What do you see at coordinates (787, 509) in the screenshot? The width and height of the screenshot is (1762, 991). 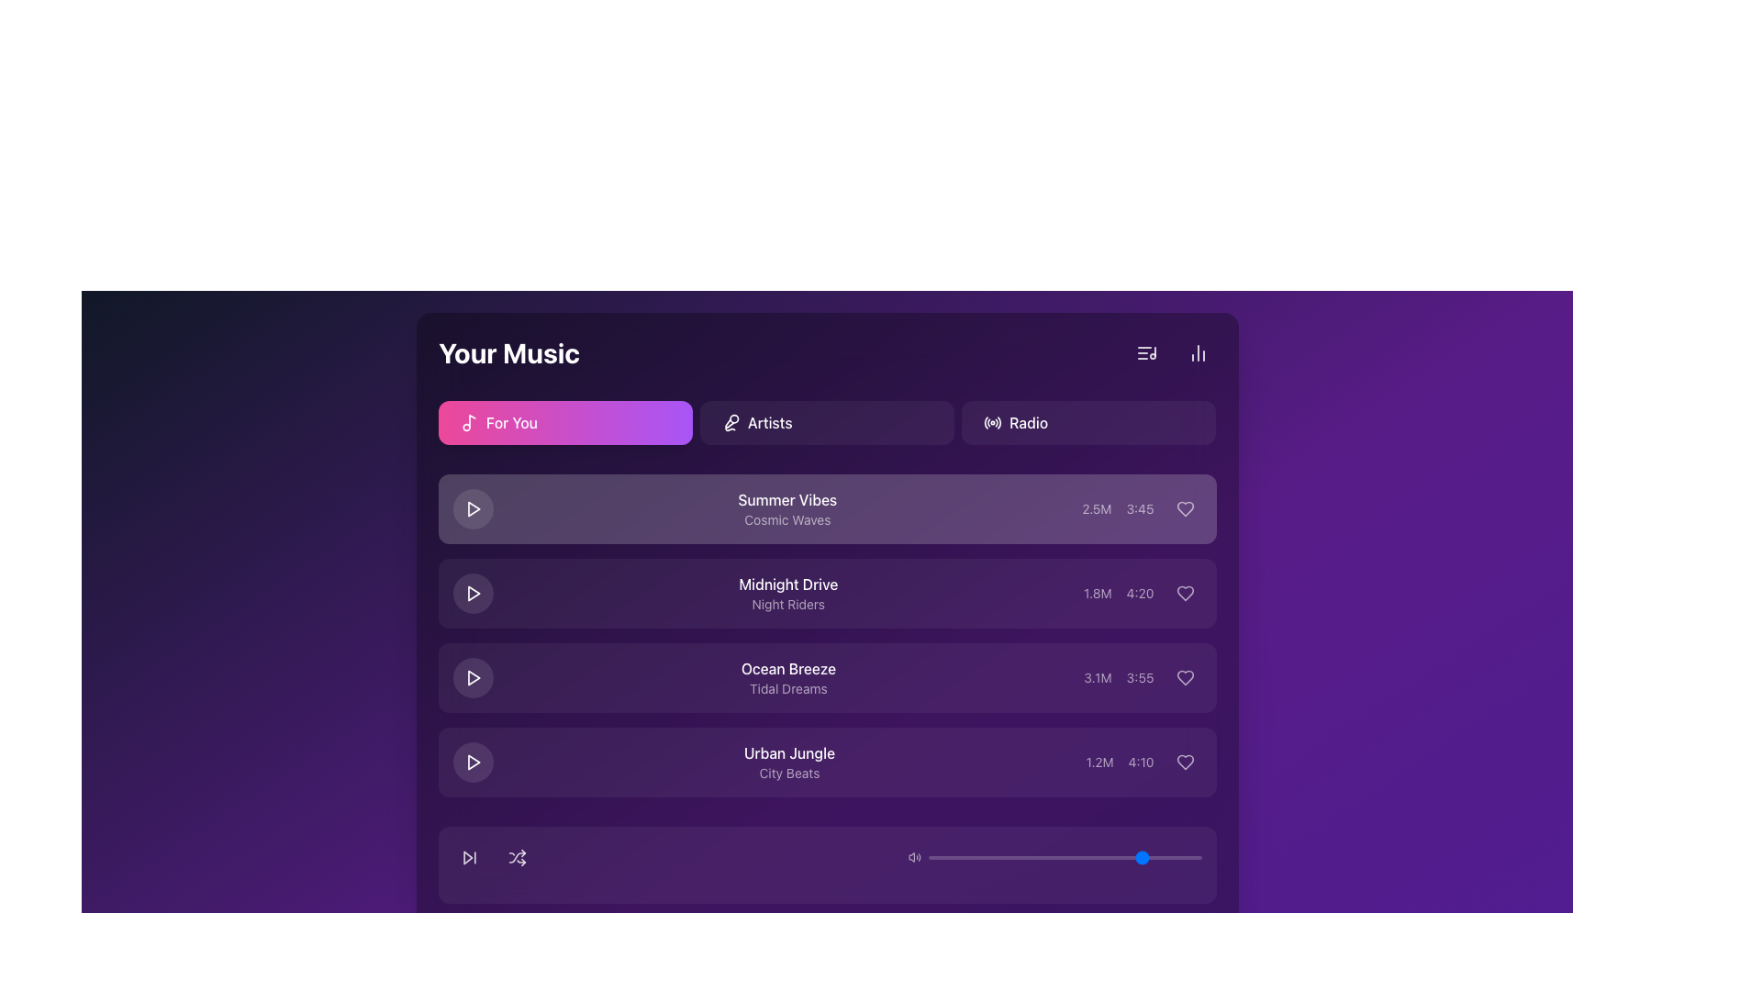 I see `the content of the text label indicating the title 'Summer Vibes' and subtitle 'Cosmic Waves', located in the second row under 'Your Music', between the play button and the stats` at bounding box center [787, 509].